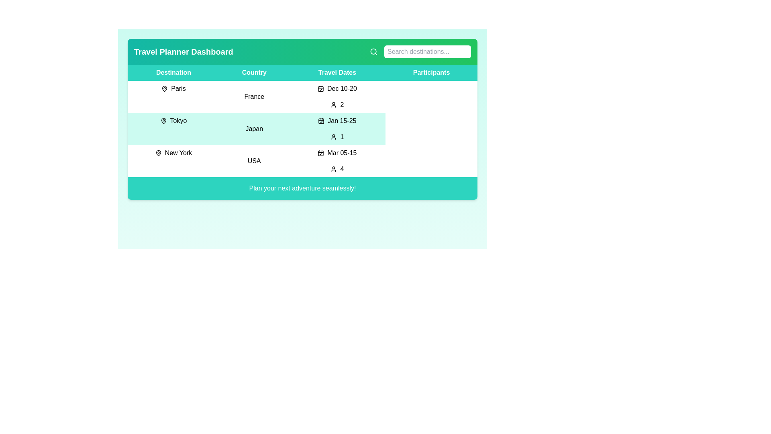 Image resolution: width=771 pixels, height=434 pixels. I want to click on the map pin icon representing 'New York' in the 'Destination' column, which has a teardrop shape and an empty circular area at its center, so click(158, 153).